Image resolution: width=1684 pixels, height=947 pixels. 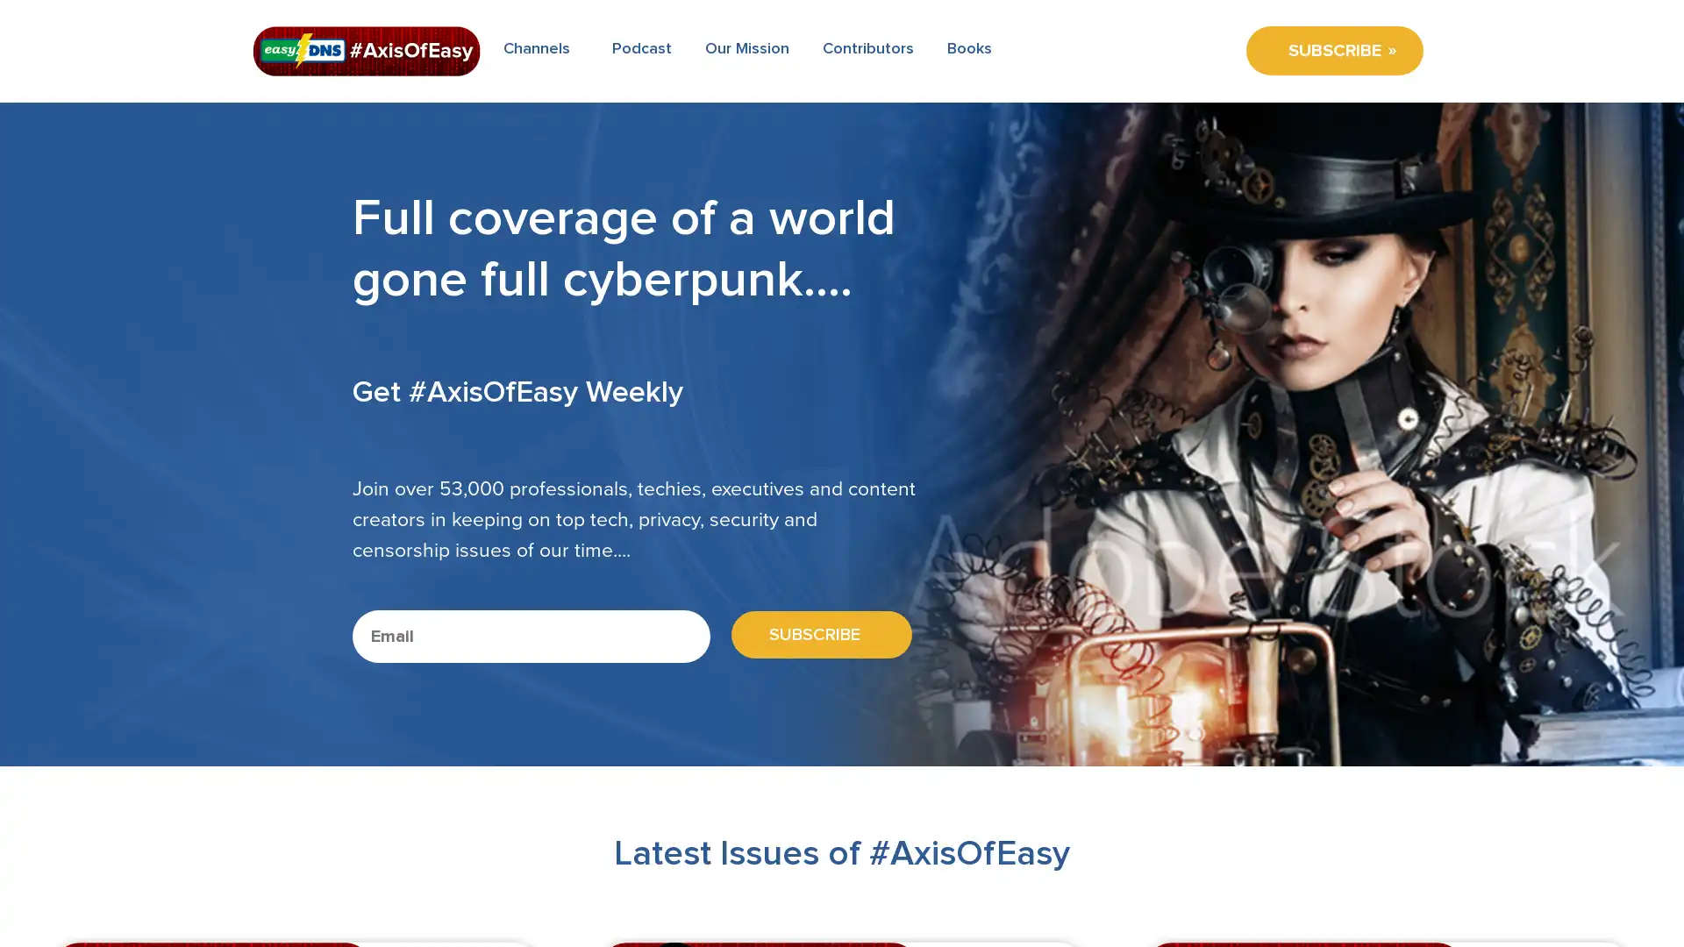 What do you see at coordinates (814, 635) in the screenshot?
I see `Subscribe` at bounding box center [814, 635].